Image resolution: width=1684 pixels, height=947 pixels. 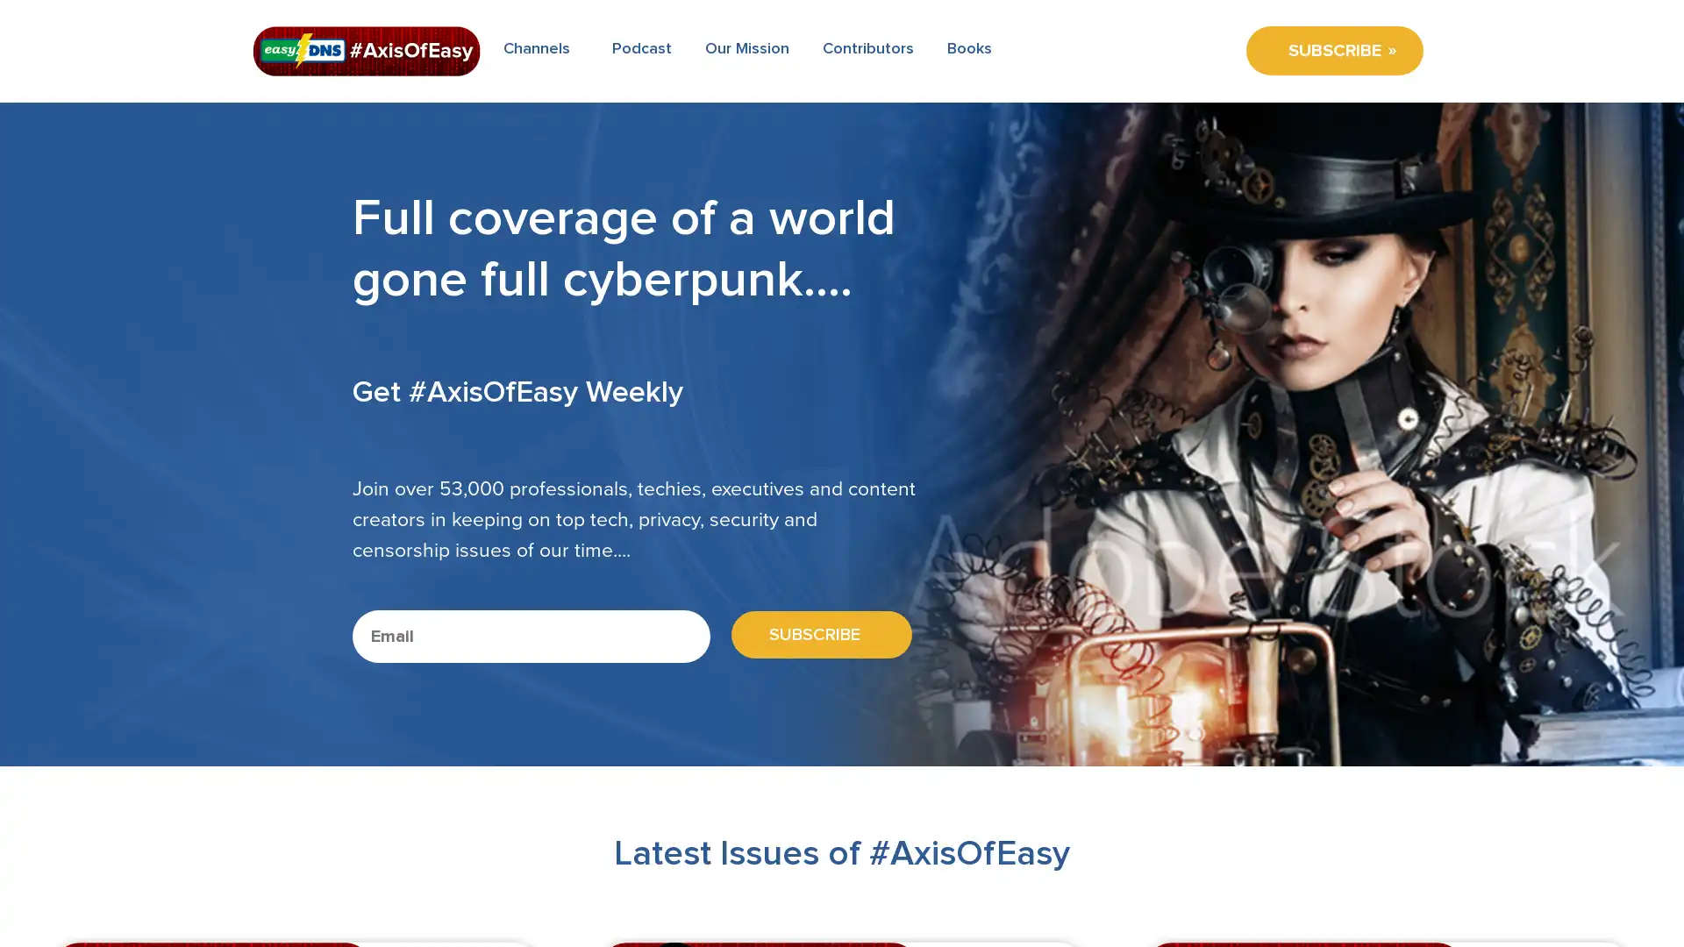 What do you see at coordinates (814, 635) in the screenshot?
I see `Subscribe` at bounding box center [814, 635].